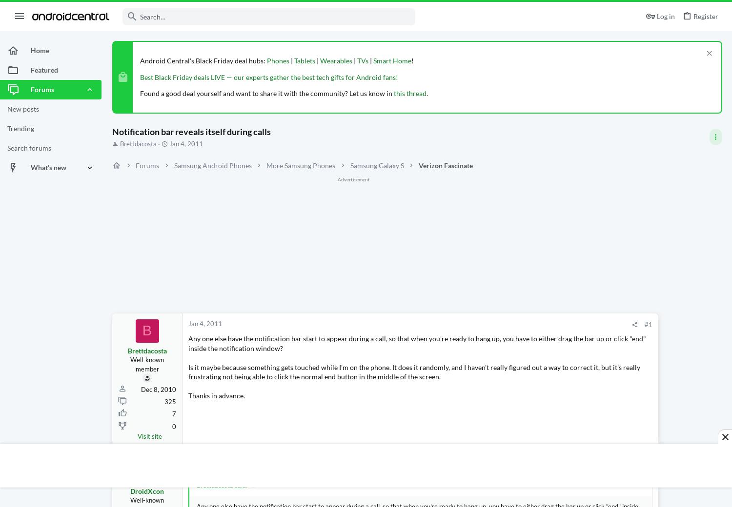 The height and width of the screenshot is (507, 732). I want to click on '#2', so click(556, 465).